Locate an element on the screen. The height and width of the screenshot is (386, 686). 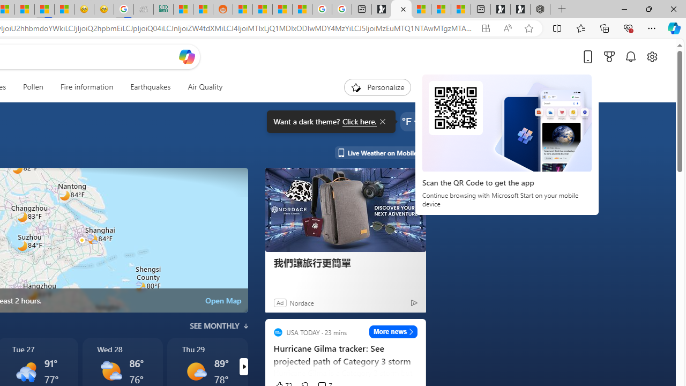
'Air Quality' is located at coordinates (205, 87).